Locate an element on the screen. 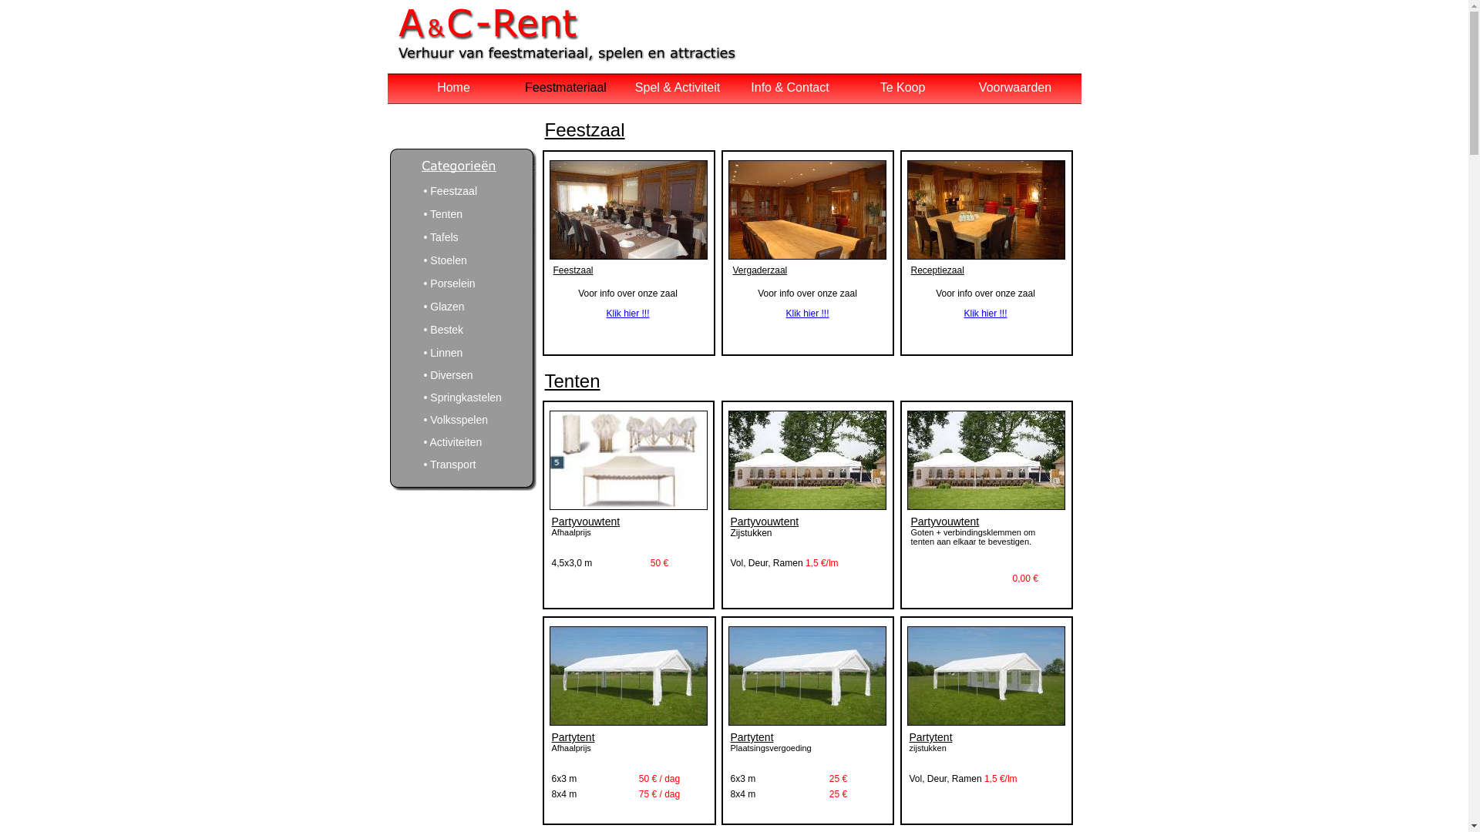 The image size is (1480, 832). 'Spel & Activiteit' is located at coordinates (677, 87).